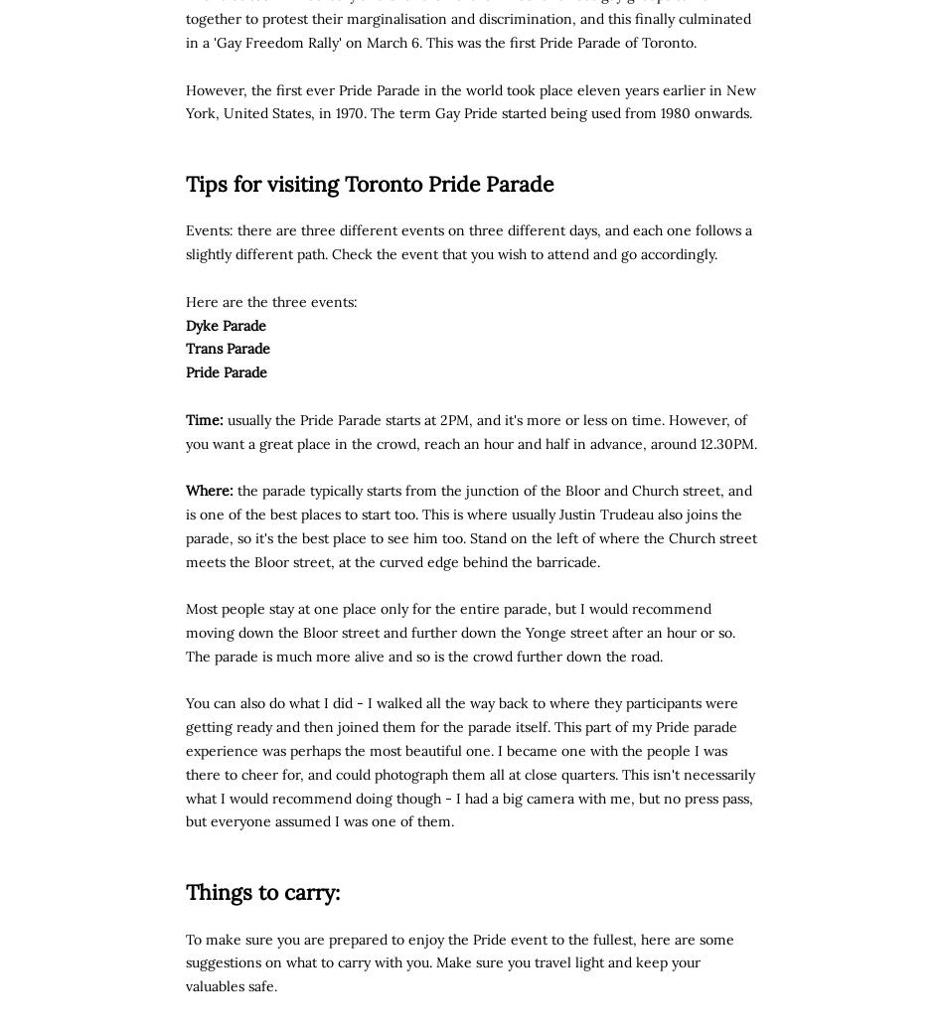 The image size is (944, 1030). I want to click on 'Things to carry:', so click(261, 892).